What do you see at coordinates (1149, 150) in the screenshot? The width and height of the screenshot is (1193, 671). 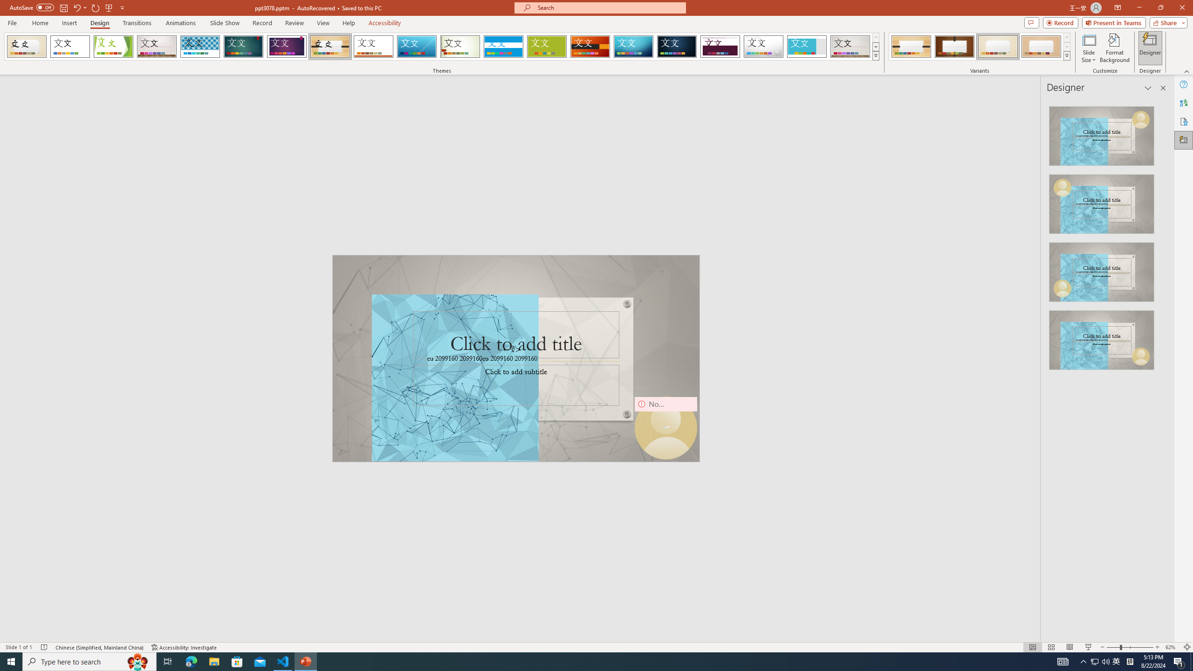 I see `'Split Editor Right (Ctrl+\) [Alt] Split Editor Down'` at bounding box center [1149, 150].